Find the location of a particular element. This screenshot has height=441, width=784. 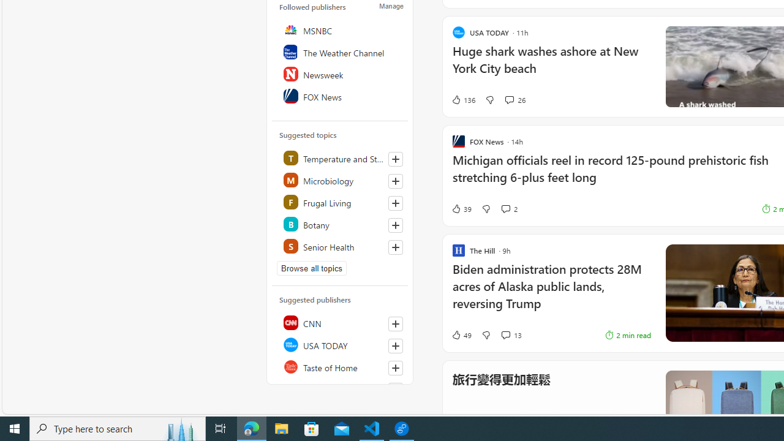

'View comments 26 Comment' is located at coordinates (509, 99).